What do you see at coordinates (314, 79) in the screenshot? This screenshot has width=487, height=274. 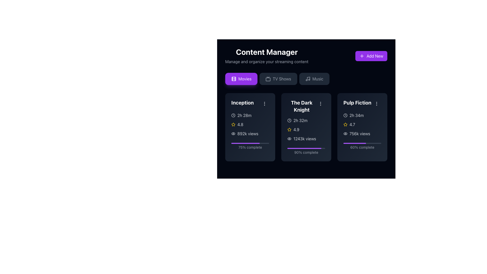 I see `the 'Music' button which has a dark gray background and a music note icon on the left` at bounding box center [314, 79].